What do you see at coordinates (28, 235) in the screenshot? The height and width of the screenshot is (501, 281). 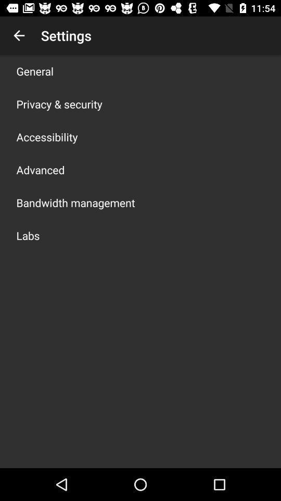 I see `the app below bandwidth management app` at bounding box center [28, 235].